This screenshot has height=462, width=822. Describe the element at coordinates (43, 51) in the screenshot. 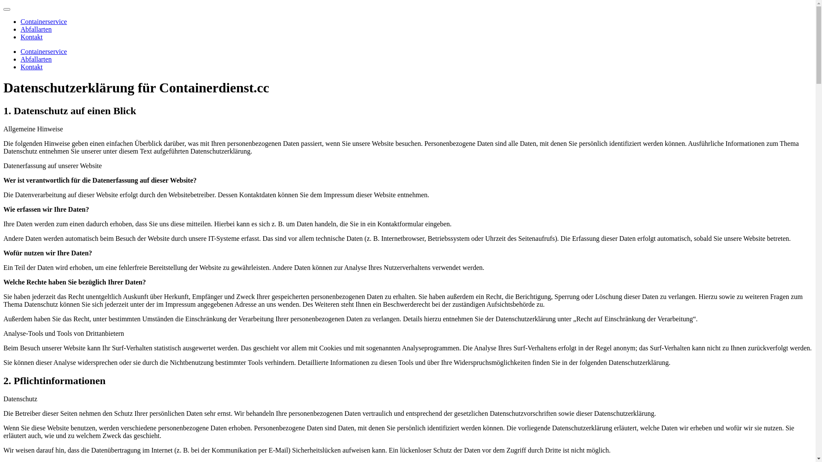

I see `'Containerservice'` at that location.